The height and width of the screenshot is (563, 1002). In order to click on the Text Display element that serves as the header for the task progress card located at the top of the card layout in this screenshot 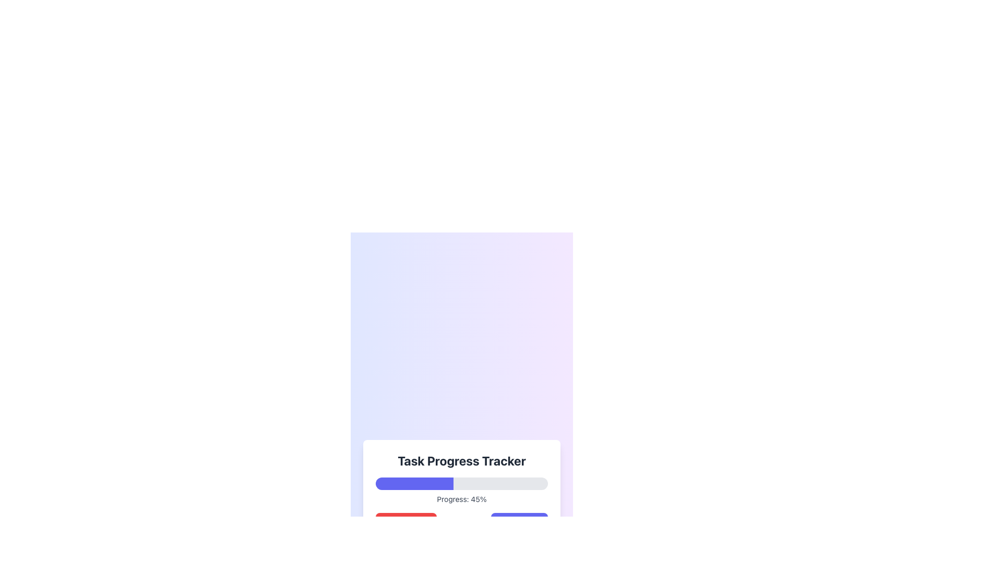, I will do `click(461, 460)`.